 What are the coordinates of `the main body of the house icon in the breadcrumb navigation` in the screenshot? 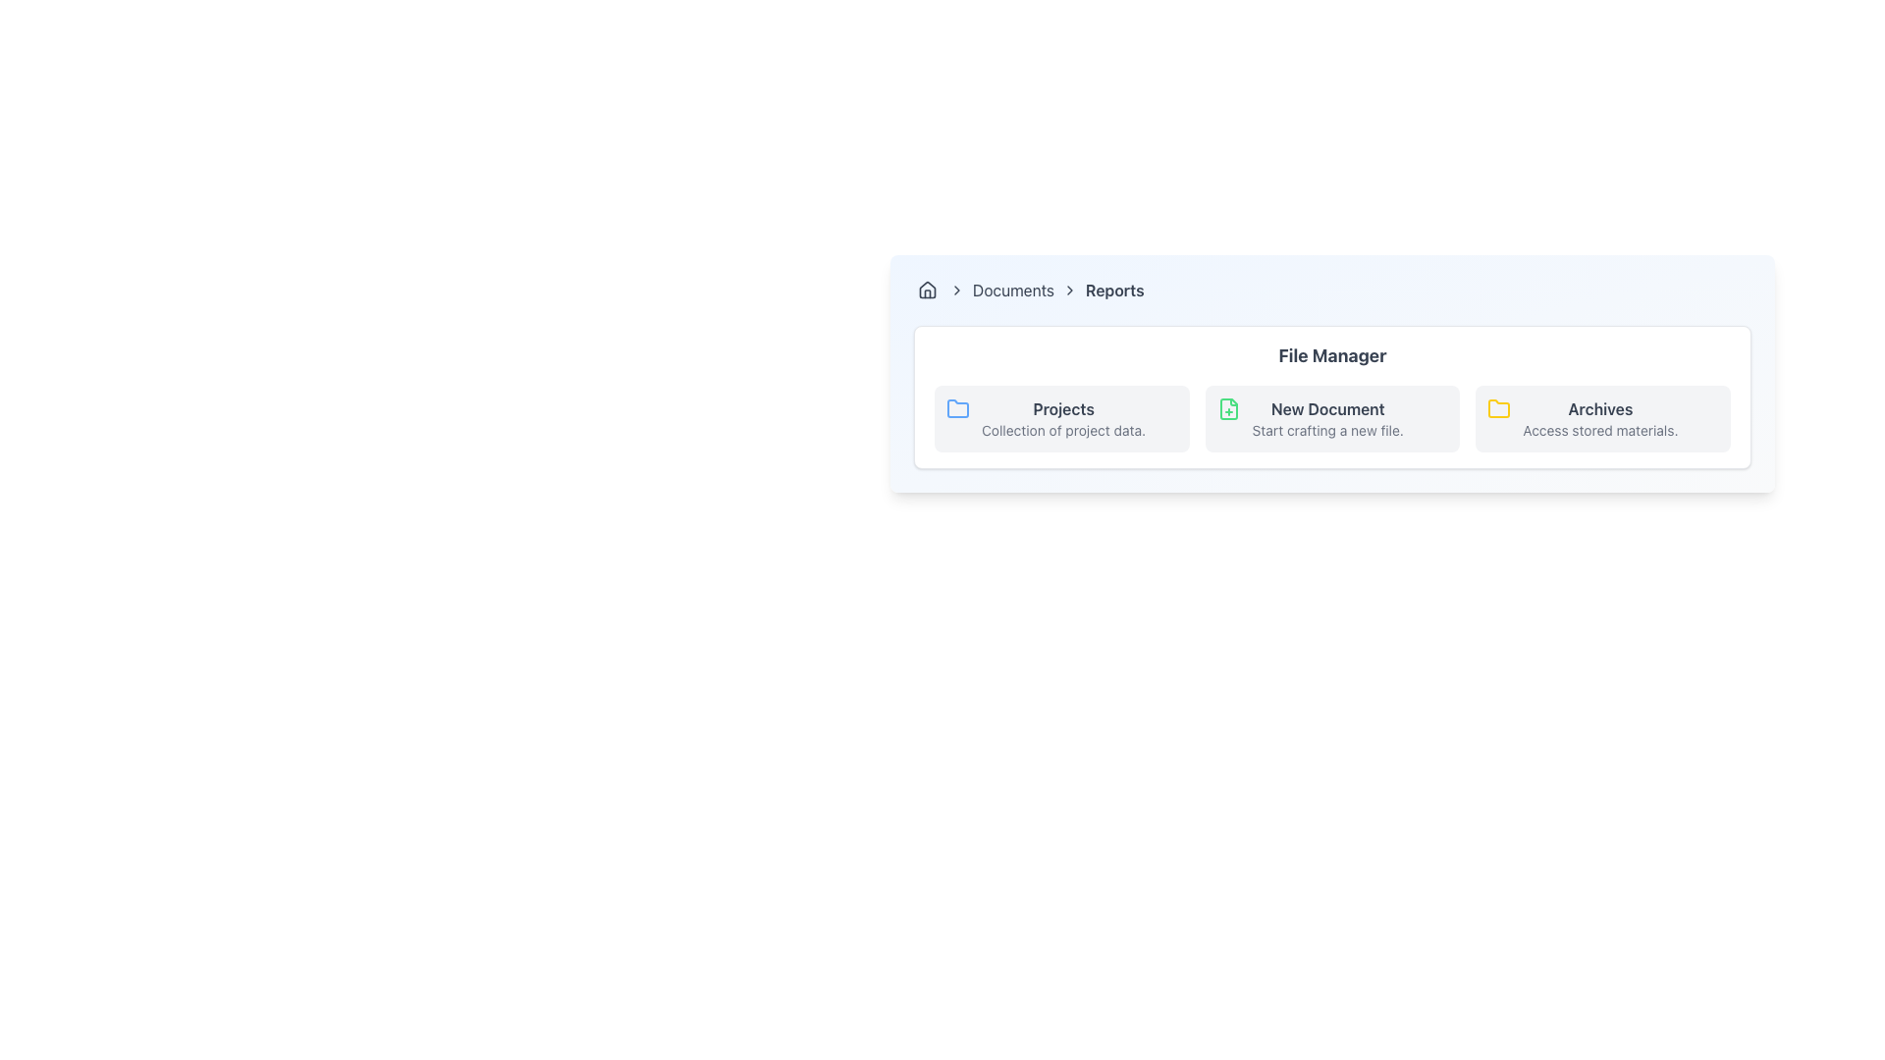 It's located at (927, 289).